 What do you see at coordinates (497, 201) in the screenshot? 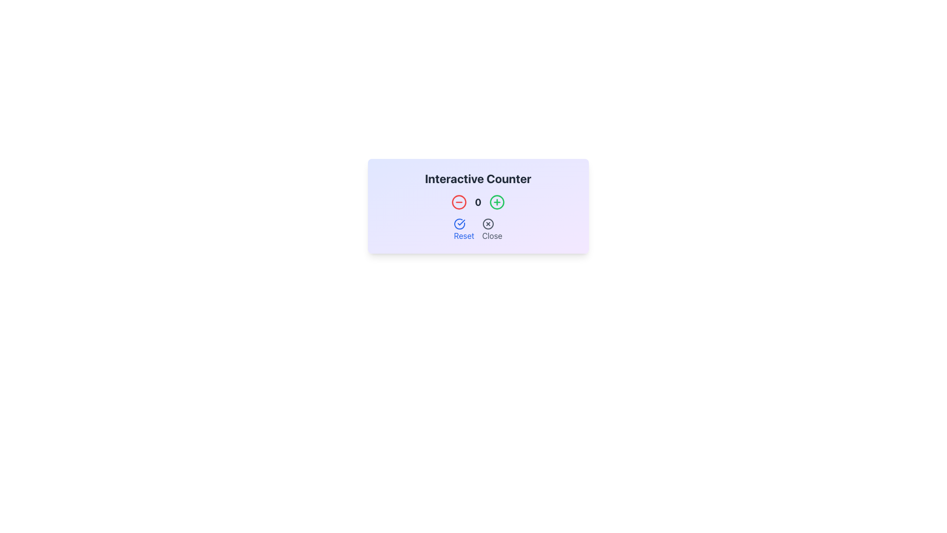
I see `the increment button, which has a plus icon and is the last button in the interactive controls, located to the right of the central numeric display` at bounding box center [497, 201].